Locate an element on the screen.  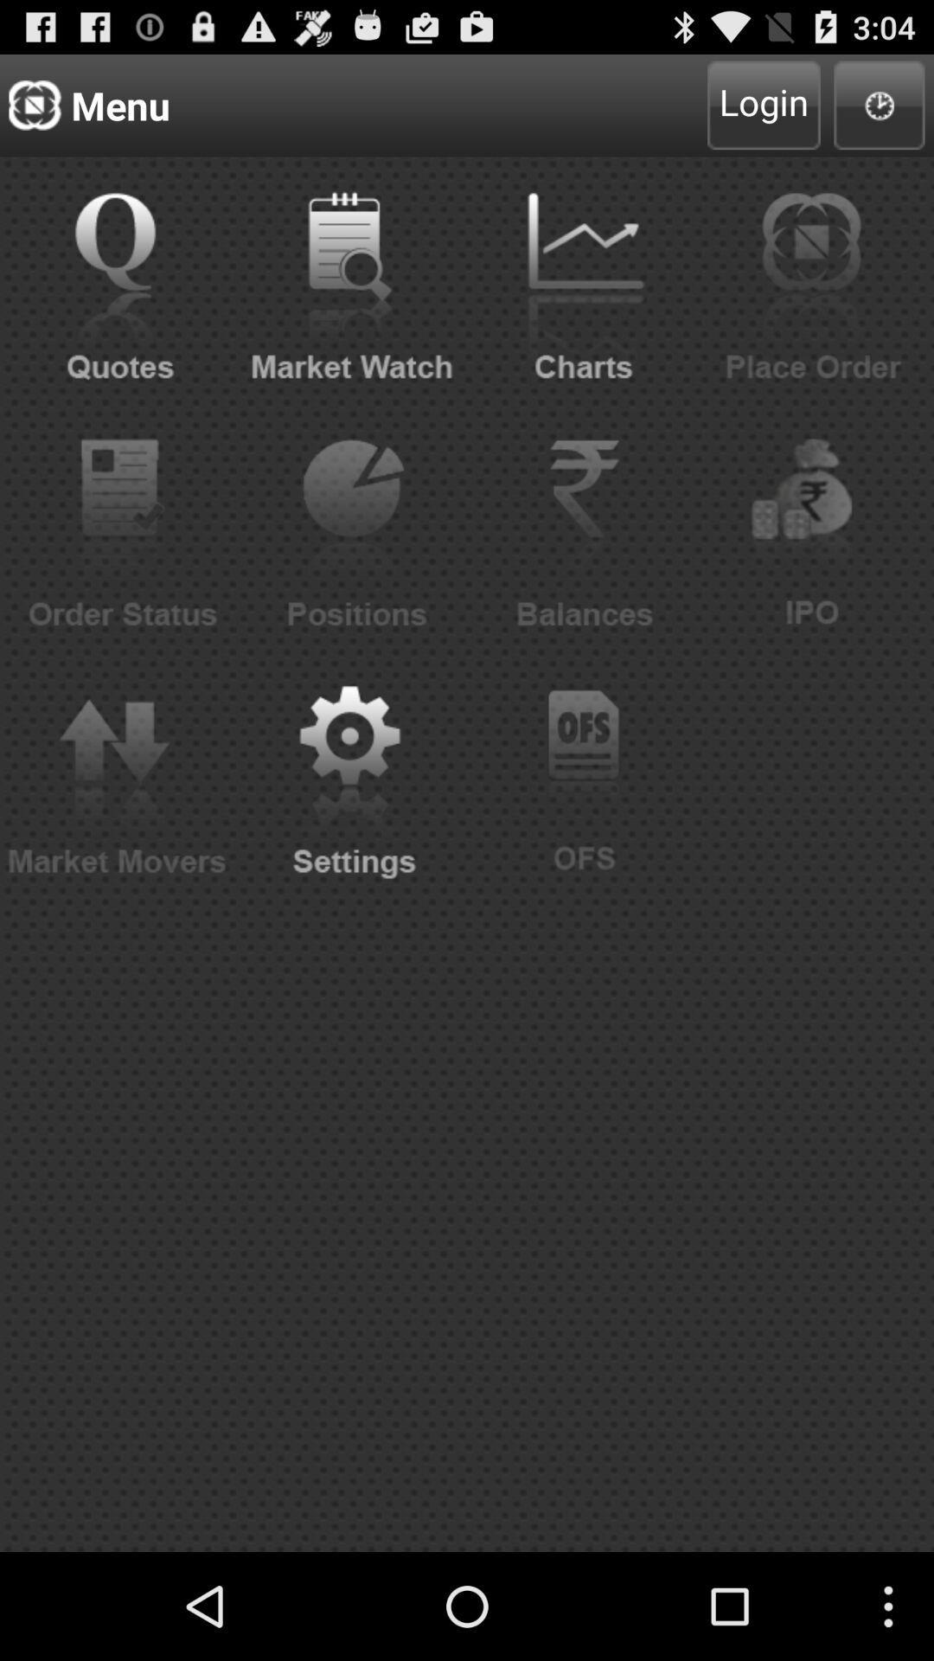
the icon to the right of login item is located at coordinates (880, 104).